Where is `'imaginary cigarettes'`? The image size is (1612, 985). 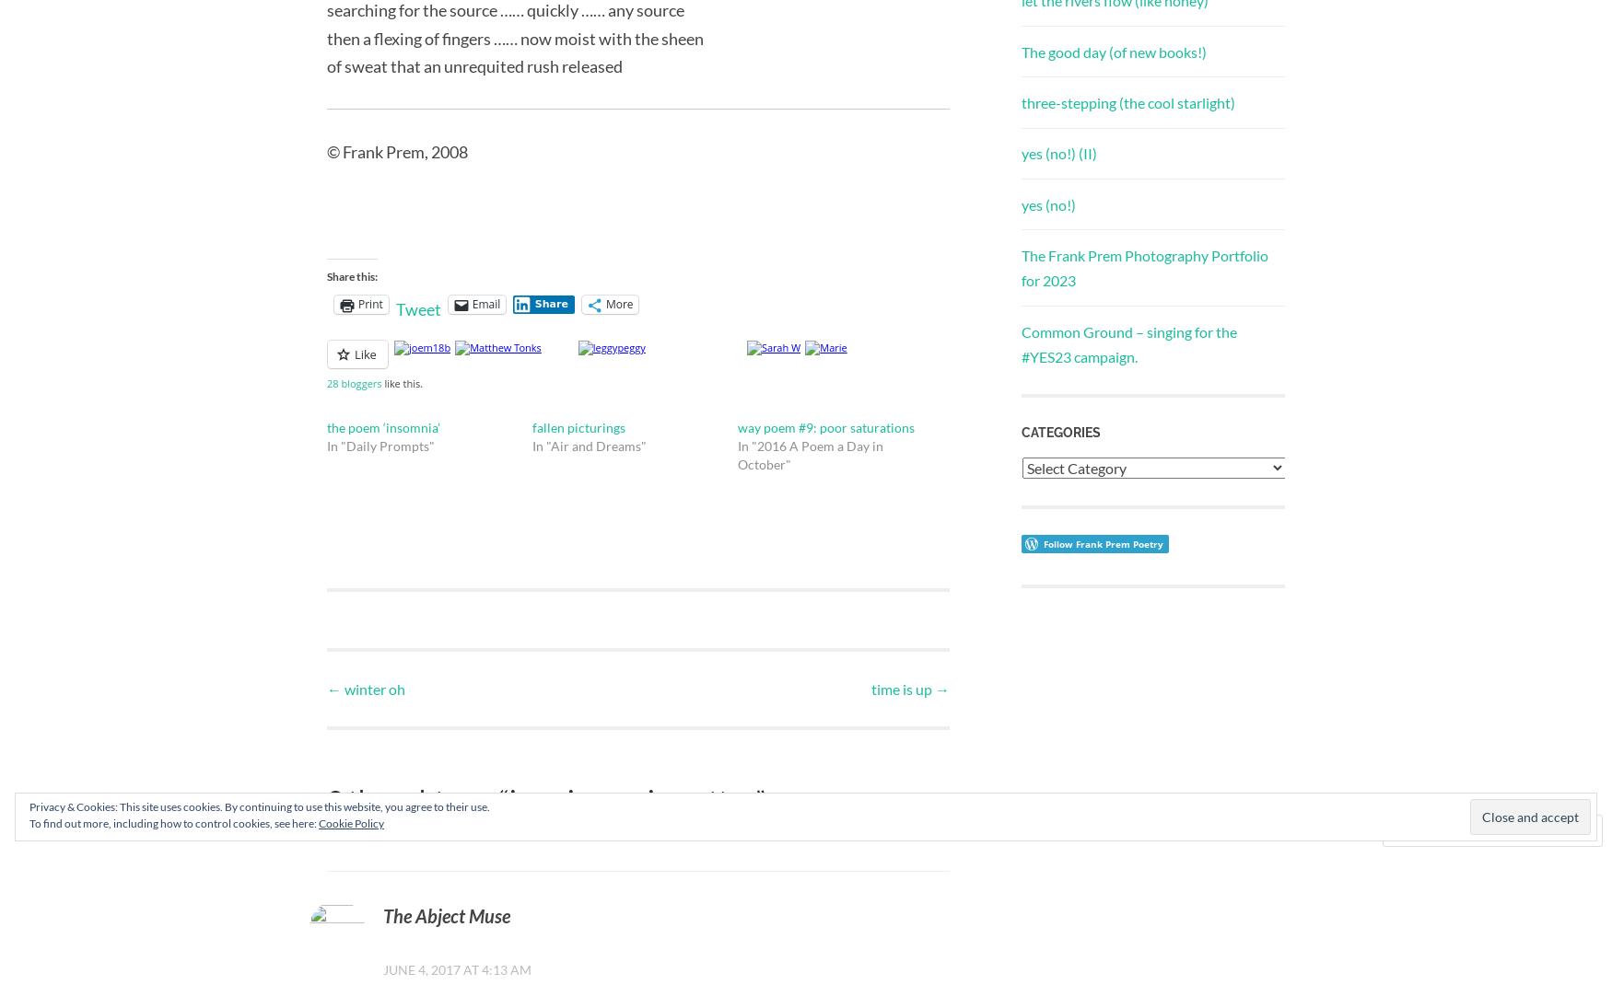
'imaginary cigarettes' is located at coordinates (631, 799).